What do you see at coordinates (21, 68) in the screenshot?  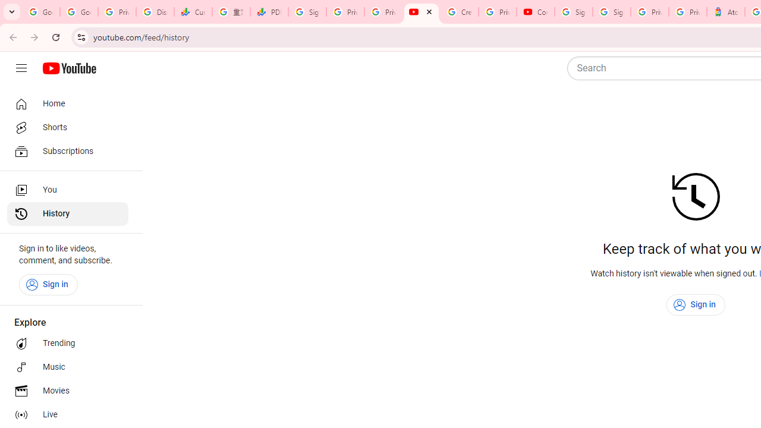 I see `'Guide'` at bounding box center [21, 68].